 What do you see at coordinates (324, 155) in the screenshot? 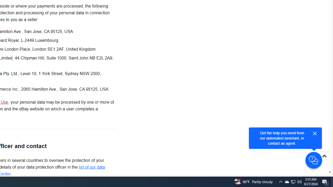
I see `'Scroll to top'` at bounding box center [324, 155].